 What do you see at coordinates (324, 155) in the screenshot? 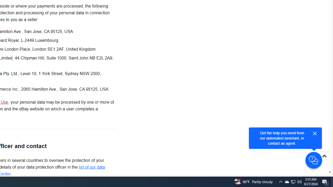
I see `'Scroll to top'` at bounding box center [324, 155].